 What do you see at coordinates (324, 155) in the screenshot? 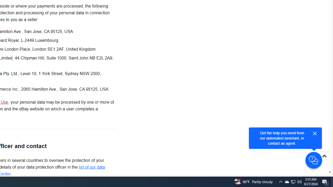
I see `'Scroll to top'` at bounding box center [324, 155].